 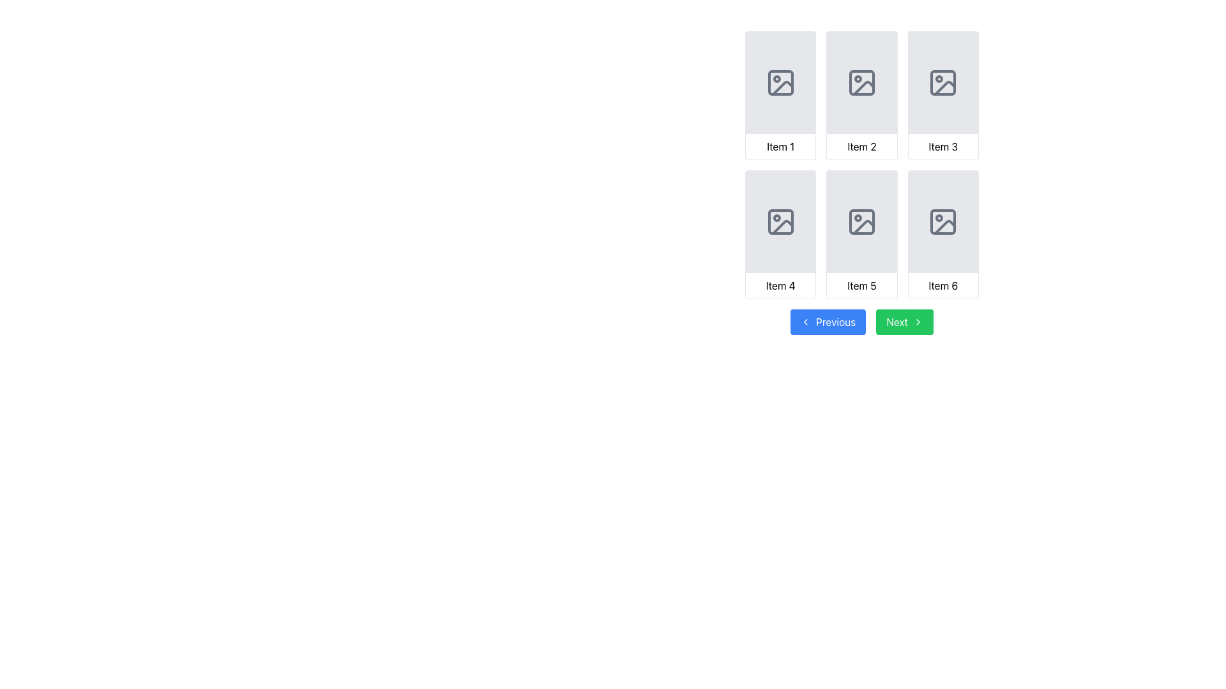 What do you see at coordinates (861, 234) in the screenshot?
I see `label 'Item 5' on the card with a white background and light gray border, located in the second row, center column of the grid` at bounding box center [861, 234].